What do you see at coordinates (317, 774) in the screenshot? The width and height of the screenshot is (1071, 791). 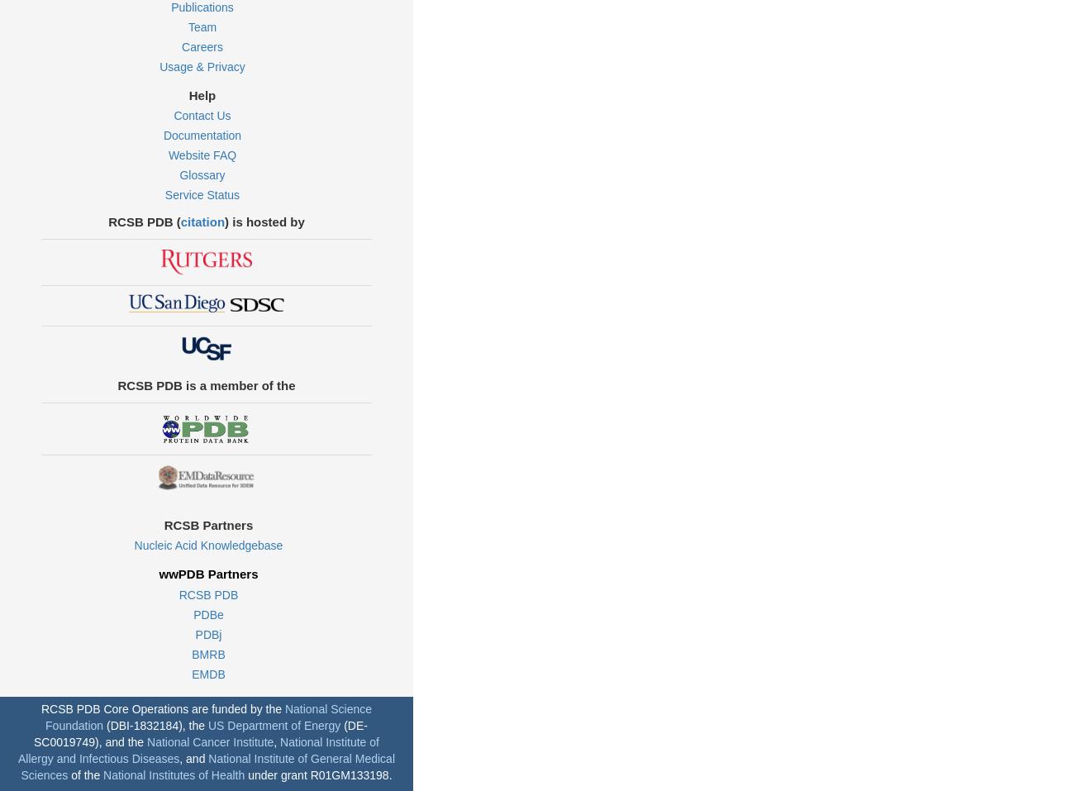 I see `'under grant R01GM133198.'` at bounding box center [317, 774].